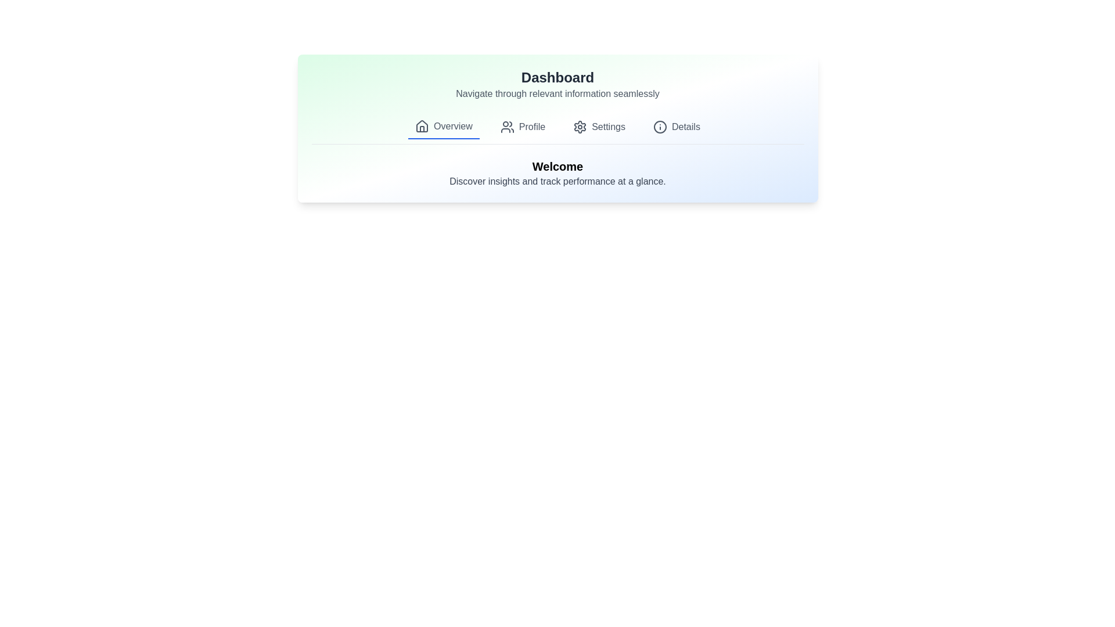 Image resolution: width=1115 pixels, height=627 pixels. What do you see at coordinates (660, 127) in the screenshot?
I see `the 'Details' icon located in the navigation bar, positioned to the right of the 'Settings' icon and aligned with the 'Details' text` at bounding box center [660, 127].